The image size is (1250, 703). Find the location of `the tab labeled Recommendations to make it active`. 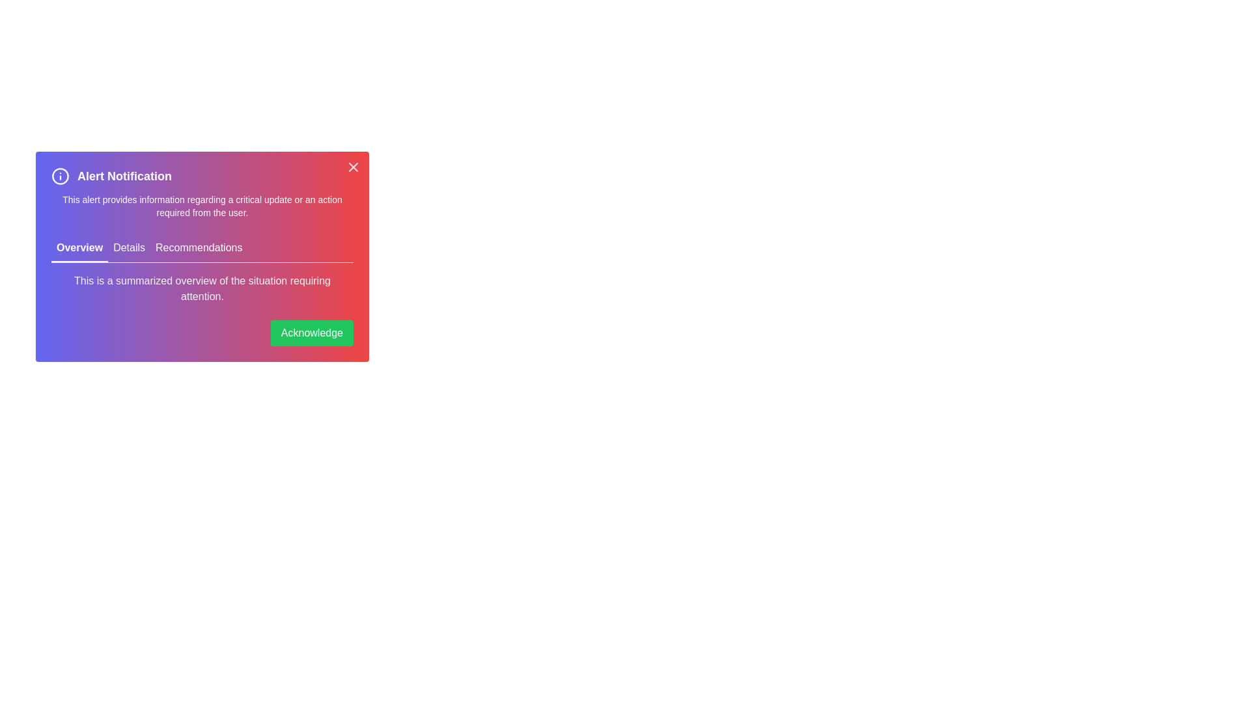

the tab labeled Recommendations to make it active is located at coordinates (198, 248).